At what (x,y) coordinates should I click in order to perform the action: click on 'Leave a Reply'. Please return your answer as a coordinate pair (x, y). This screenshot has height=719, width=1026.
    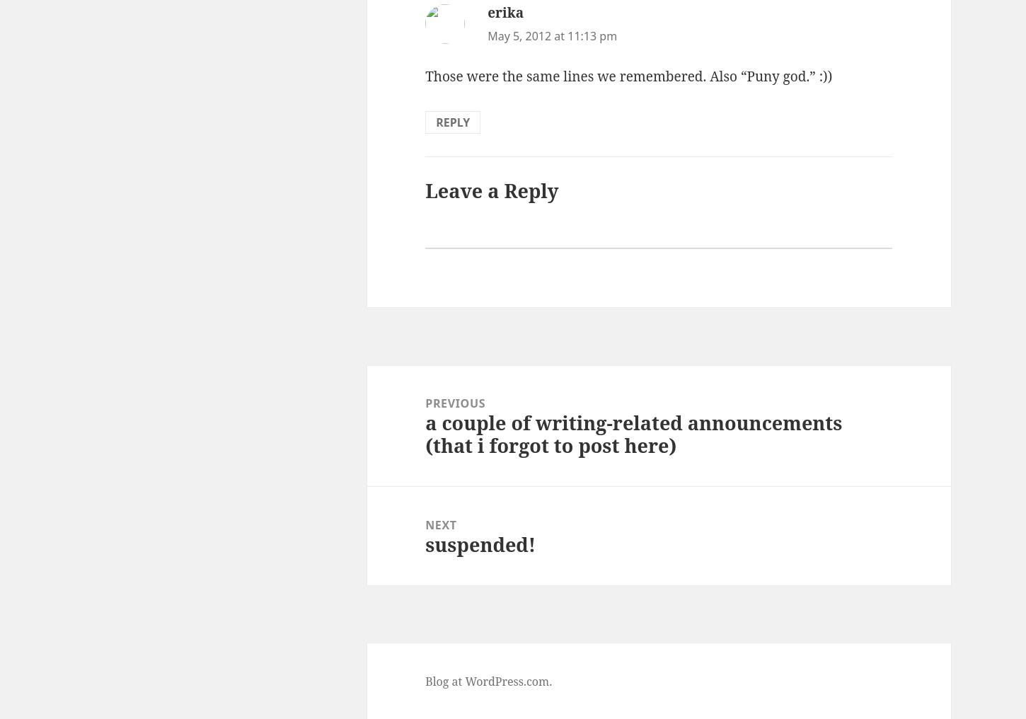
    Looking at the image, I should click on (490, 189).